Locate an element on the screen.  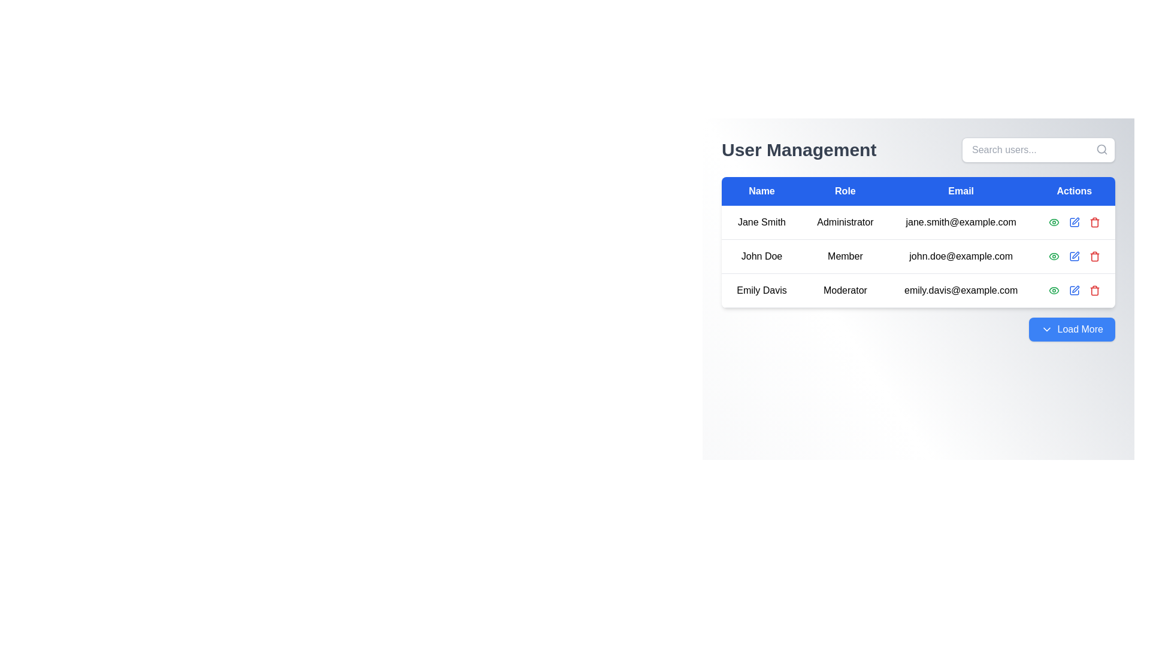
the text label displaying 'John Doe' in the user management interface, located in the 'Name' column of the second row is located at coordinates (761, 255).